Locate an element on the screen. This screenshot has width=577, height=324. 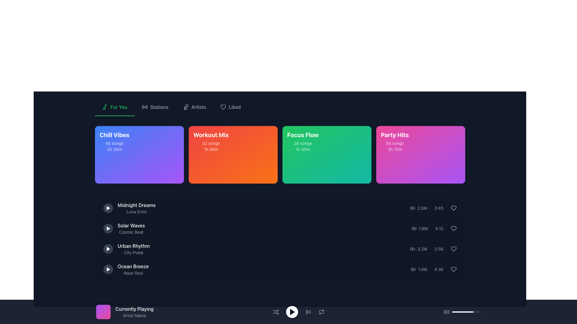
the circular play button with a dark gray background and a white play icon to play the track 'Urban Rhythm' is located at coordinates (108, 249).